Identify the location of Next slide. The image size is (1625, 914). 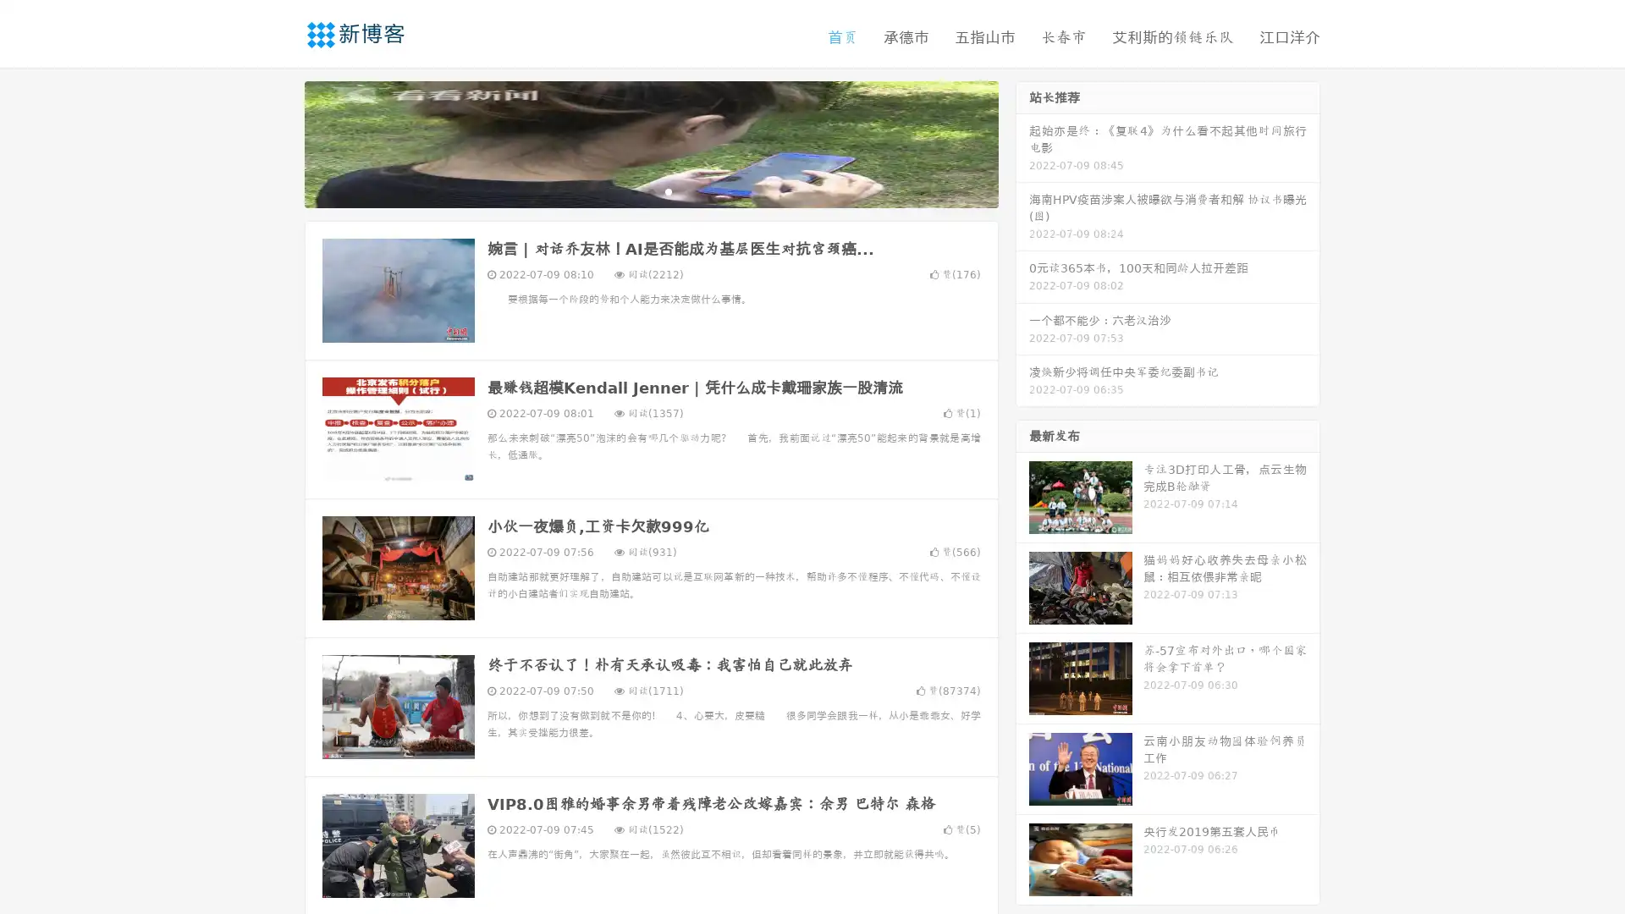
(1022, 142).